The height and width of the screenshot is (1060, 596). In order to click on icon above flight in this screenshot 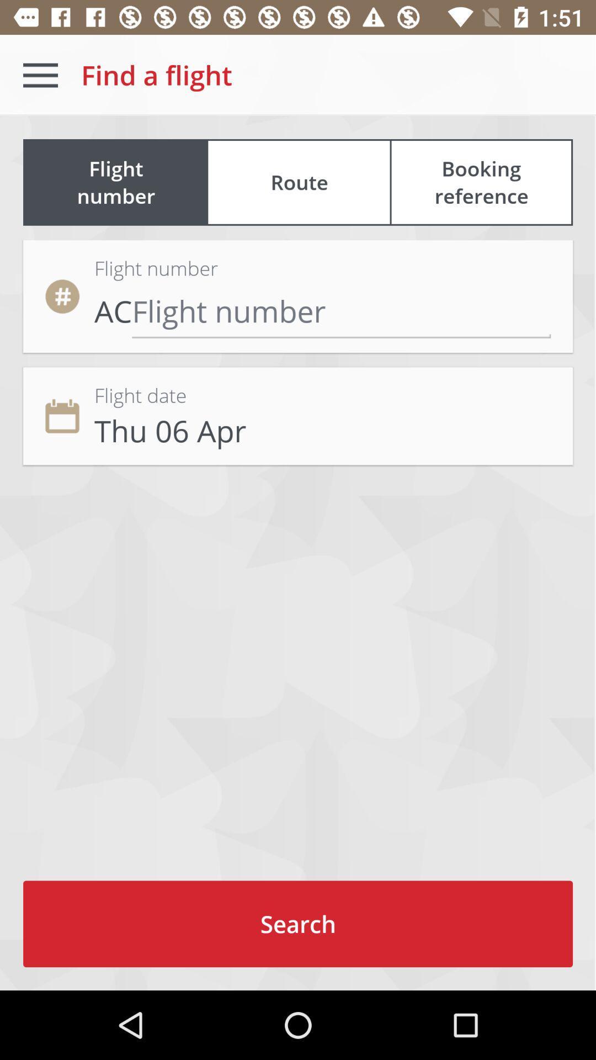, I will do `click(40, 75)`.